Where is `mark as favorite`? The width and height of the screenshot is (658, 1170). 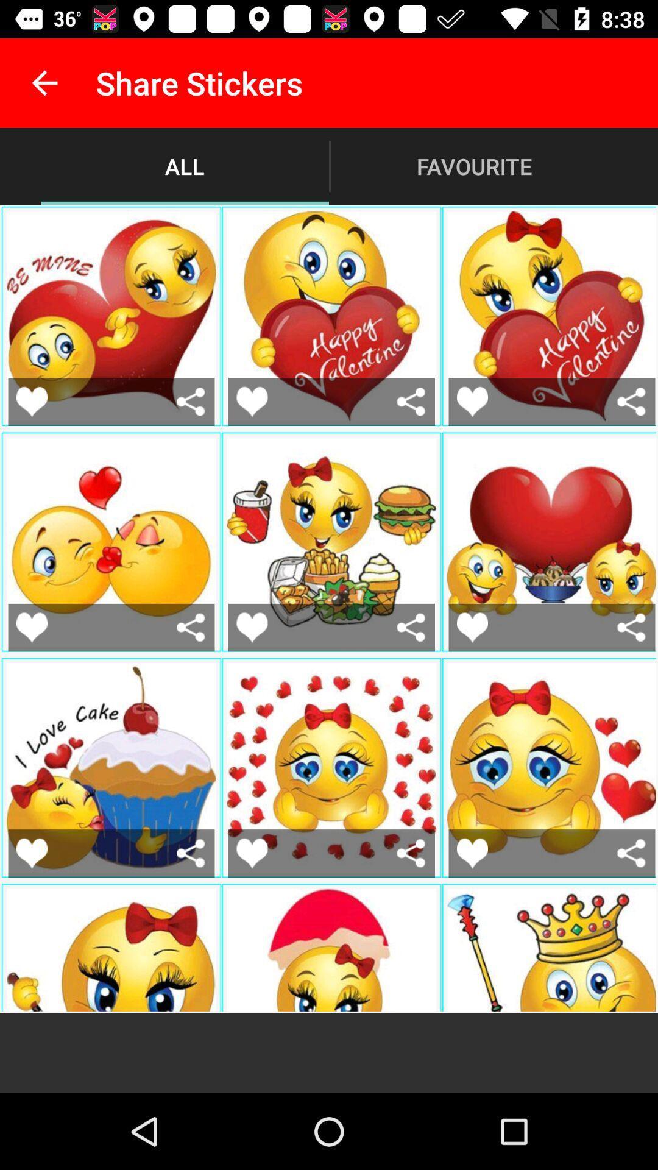 mark as favorite is located at coordinates (31, 853).